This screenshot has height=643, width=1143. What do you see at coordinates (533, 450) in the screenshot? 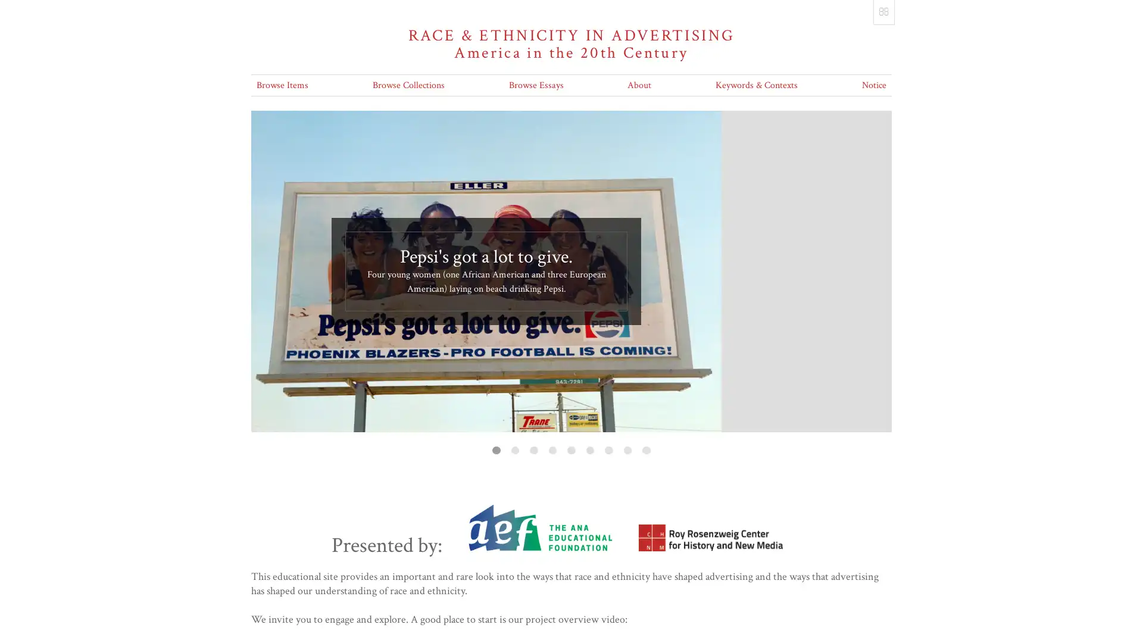
I see `3` at bounding box center [533, 450].